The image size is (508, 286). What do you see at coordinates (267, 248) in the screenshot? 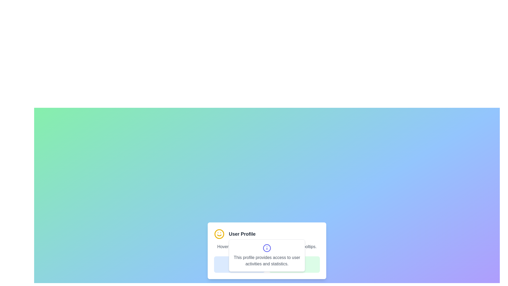
I see `the information icon, which is a lowercase 'i' symbol within a circular outline, located in the middle of a pop-up box above the descriptive text about user activities and statistics` at bounding box center [267, 248].